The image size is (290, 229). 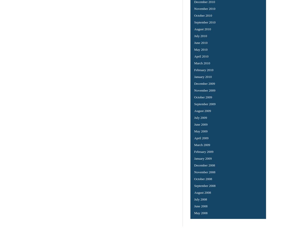 I want to click on 'November 2010', so click(x=205, y=8).